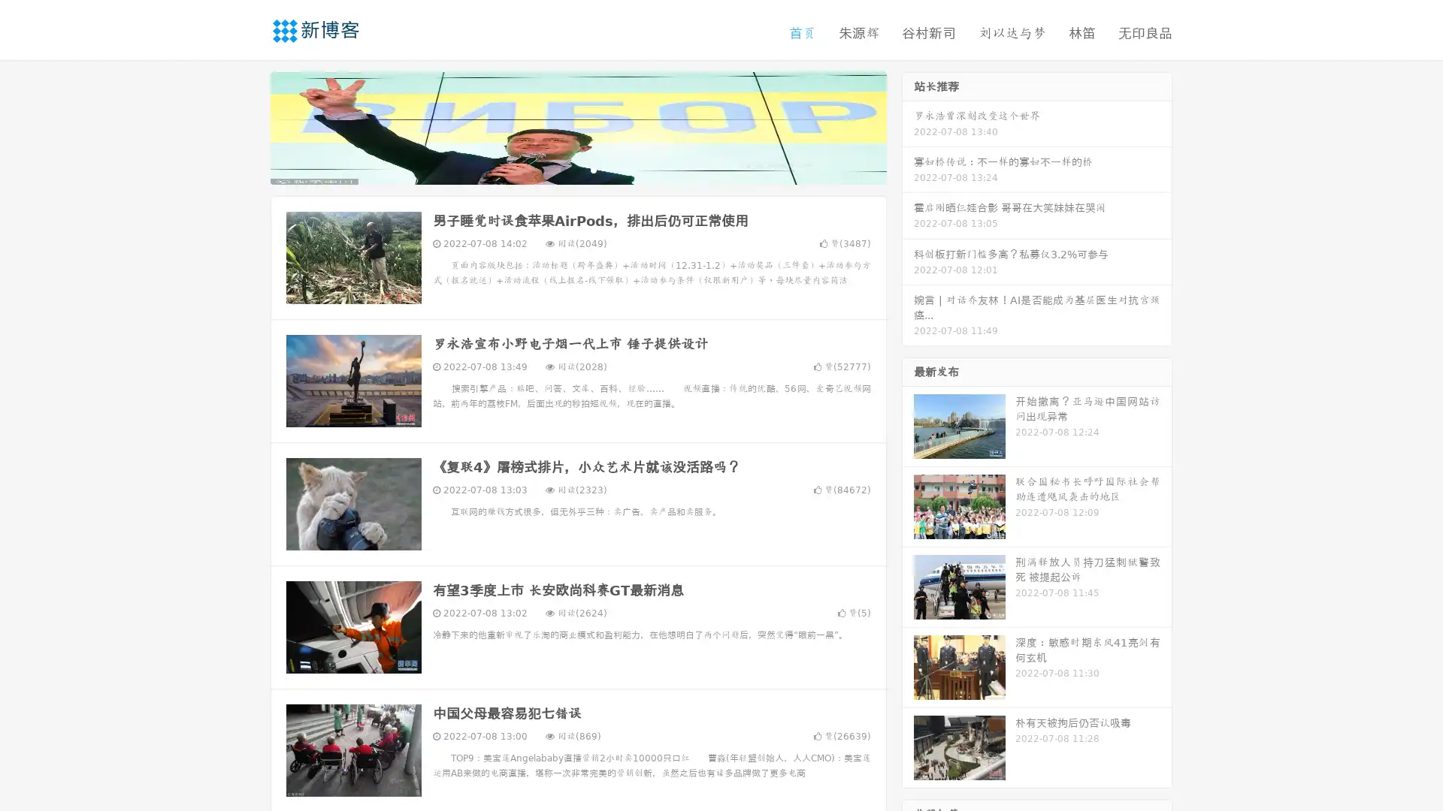 The height and width of the screenshot is (811, 1443). I want to click on Go to slide 1, so click(562, 169).